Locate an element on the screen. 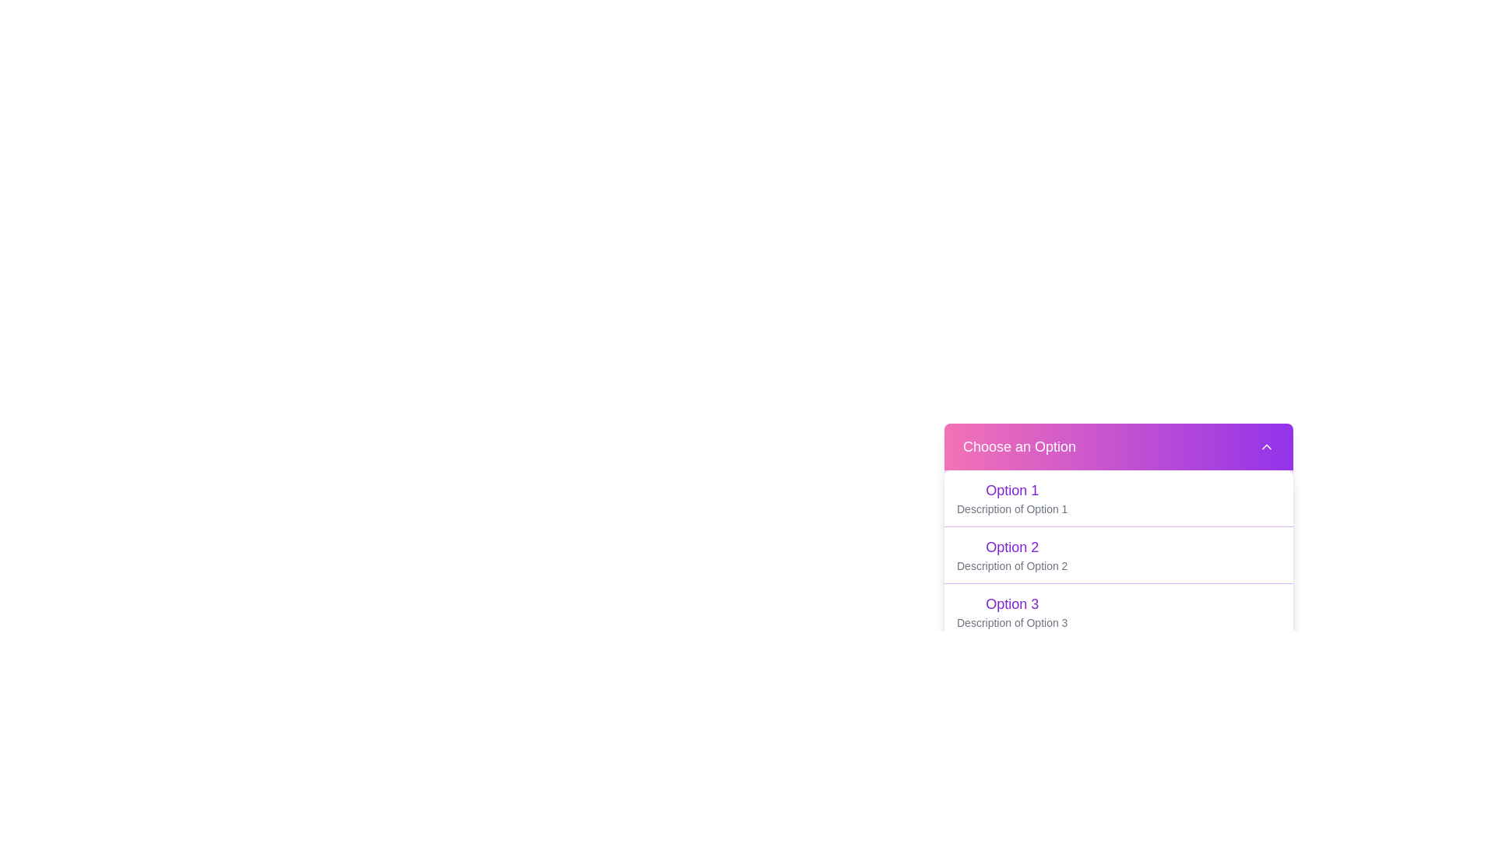 The image size is (1495, 841). the text element displaying 'Description of Option 3' located below 'Option 3' in the dropdown menu is located at coordinates (1012, 621).